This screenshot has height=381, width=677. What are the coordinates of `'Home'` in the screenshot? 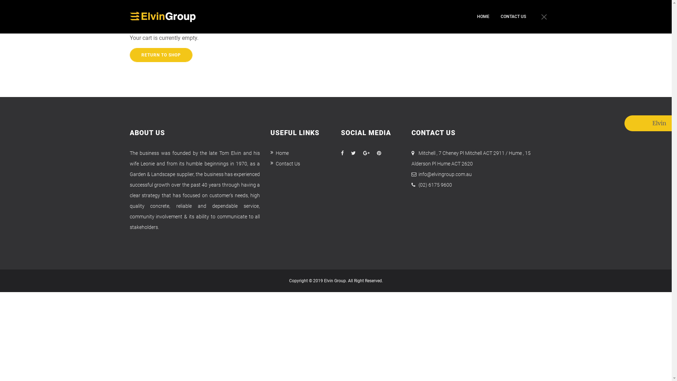 It's located at (279, 153).